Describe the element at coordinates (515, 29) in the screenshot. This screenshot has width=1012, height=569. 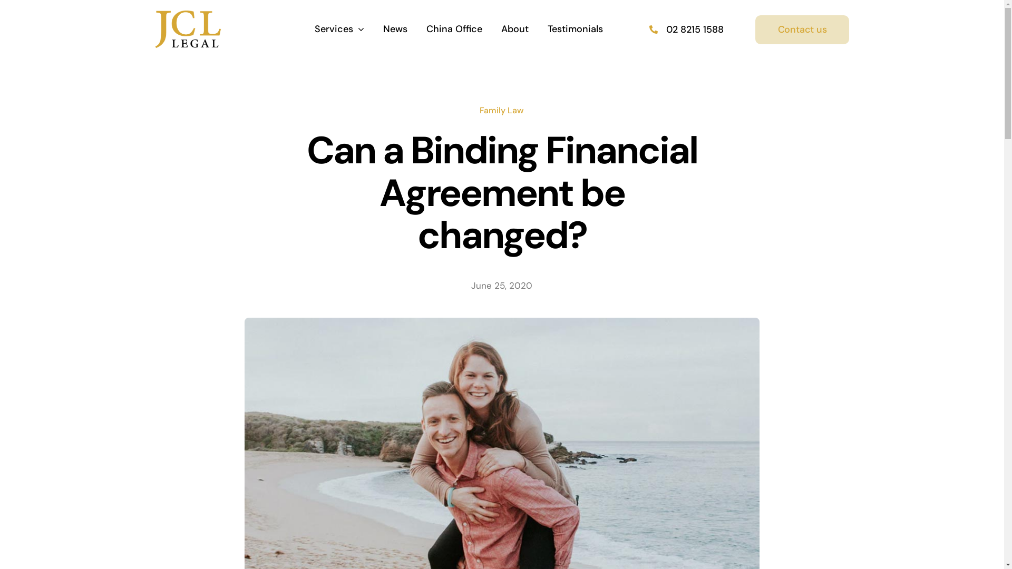
I see `'About'` at that location.